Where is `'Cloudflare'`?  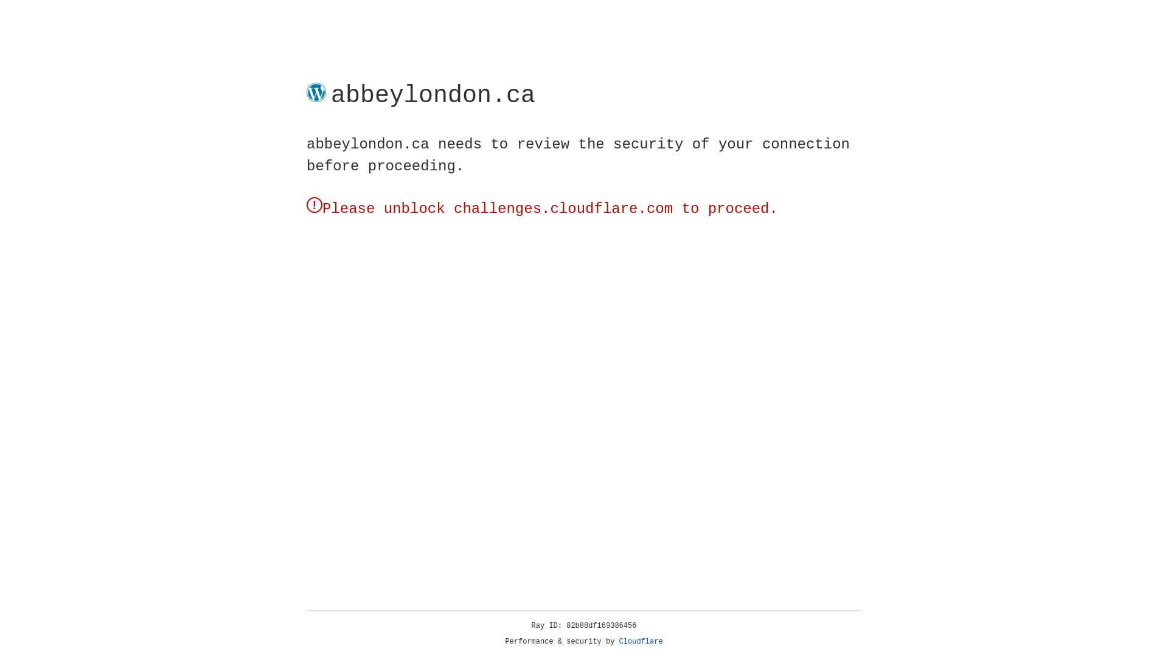
'Cloudflare' is located at coordinates (619, 641).